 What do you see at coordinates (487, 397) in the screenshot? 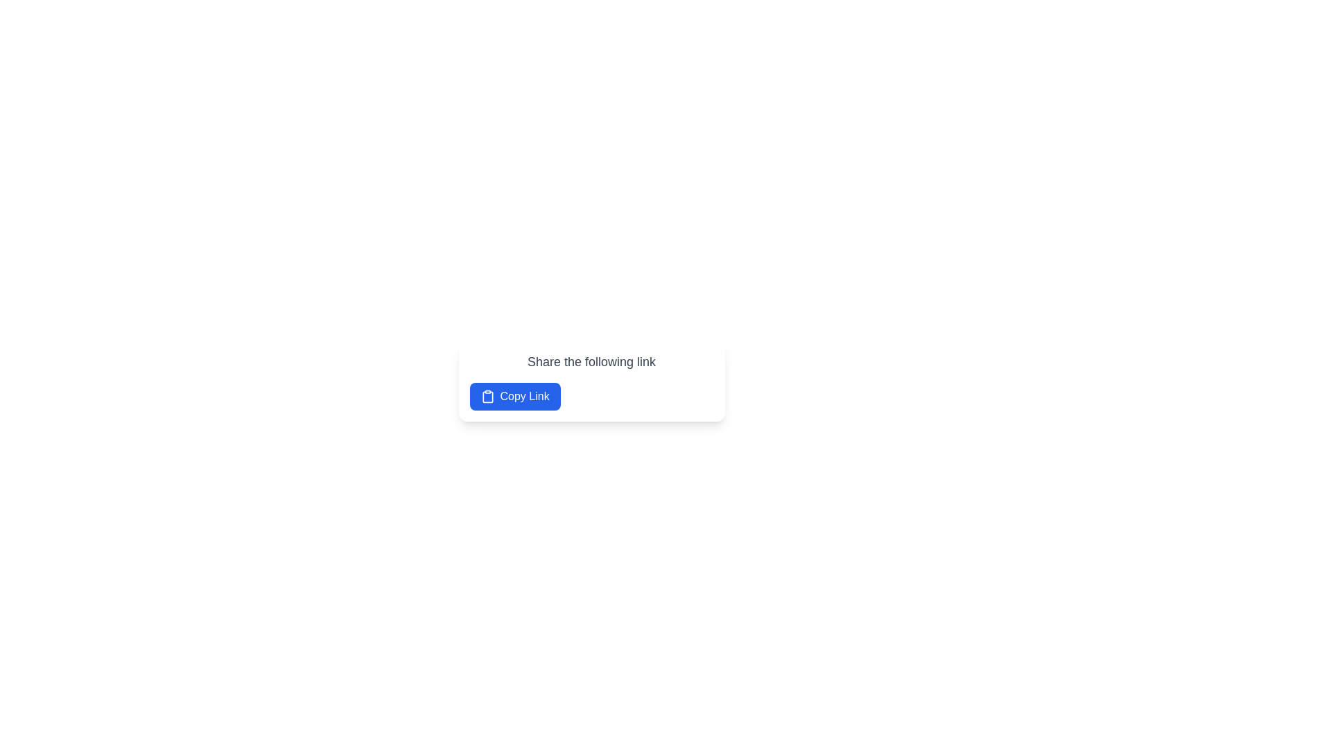
I see `the main body of the clipboard icon, which is represented as a rectangular shape with rounded corners in the SVG graphic` at bounding box center [487, 397].